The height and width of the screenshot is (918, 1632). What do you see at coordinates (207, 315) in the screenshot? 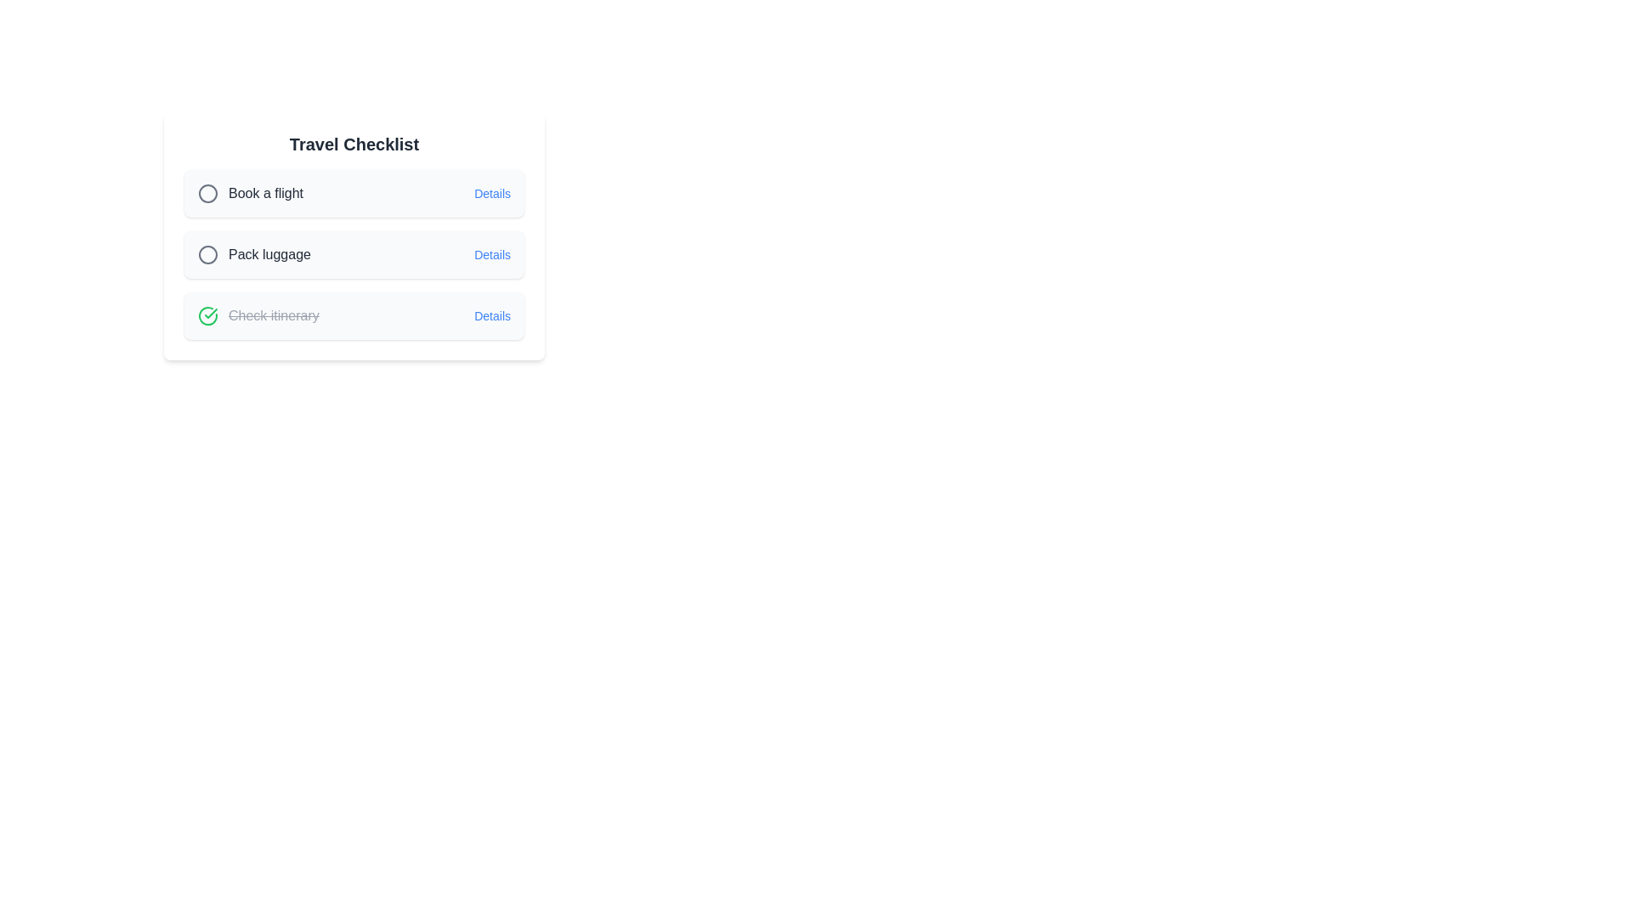
I see `information associated with the 'Check itinerary' icon, which is located in the third row of the 'Travel Checklist' list, to the left of the text 'Check itinerary'` at bounding box center [207, 315].